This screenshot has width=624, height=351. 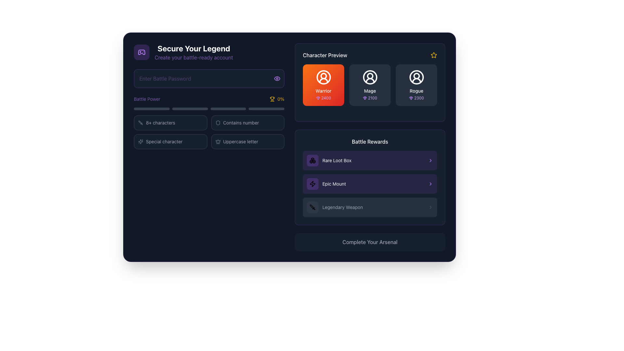 What do you see at coordinates (141, 52) in the screenshot?
I see `the square-shaped purple background enclosing the stylized game controller icon, which serves as a visual identifier for the section to the left of the 'Secure Your Legend' text` at bounding box center [141, 52].